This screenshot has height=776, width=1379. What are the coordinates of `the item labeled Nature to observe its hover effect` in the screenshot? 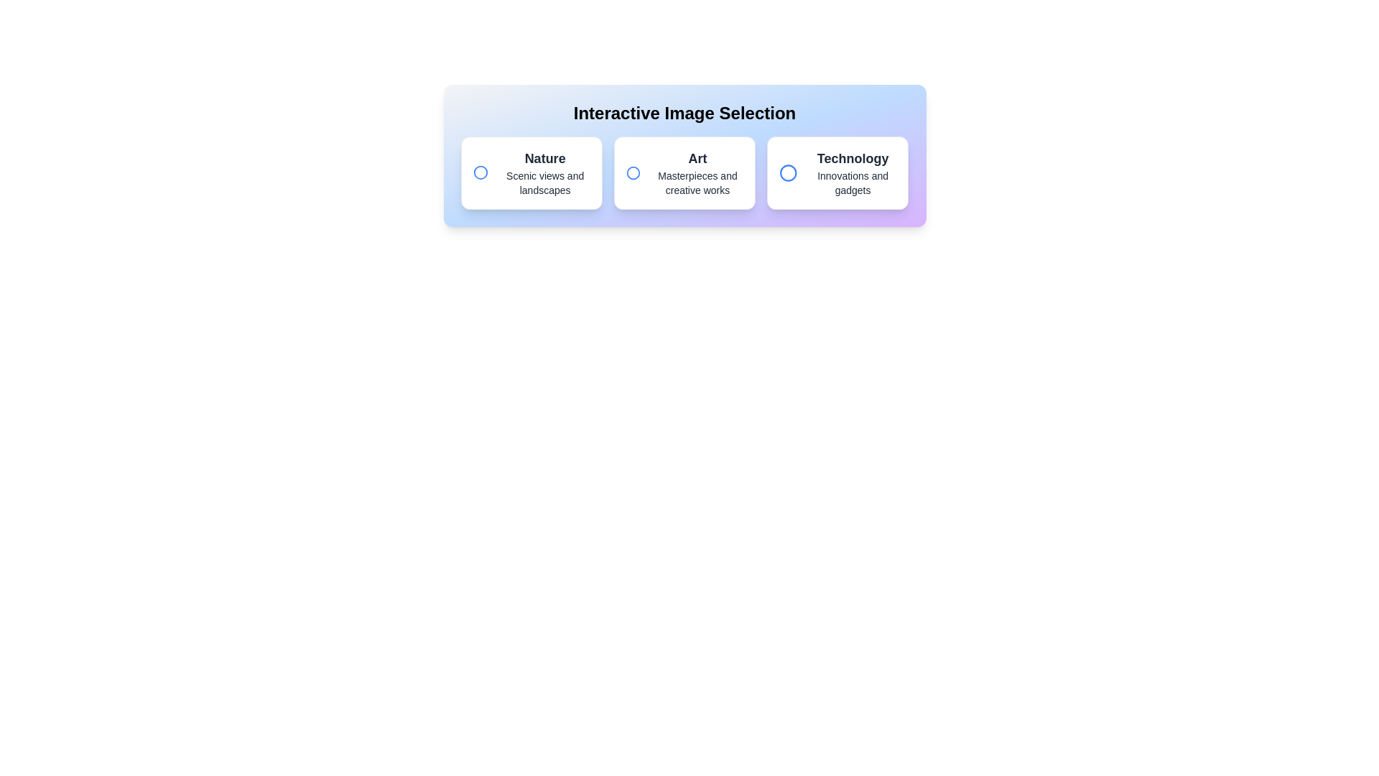 It's located at (530, 172).